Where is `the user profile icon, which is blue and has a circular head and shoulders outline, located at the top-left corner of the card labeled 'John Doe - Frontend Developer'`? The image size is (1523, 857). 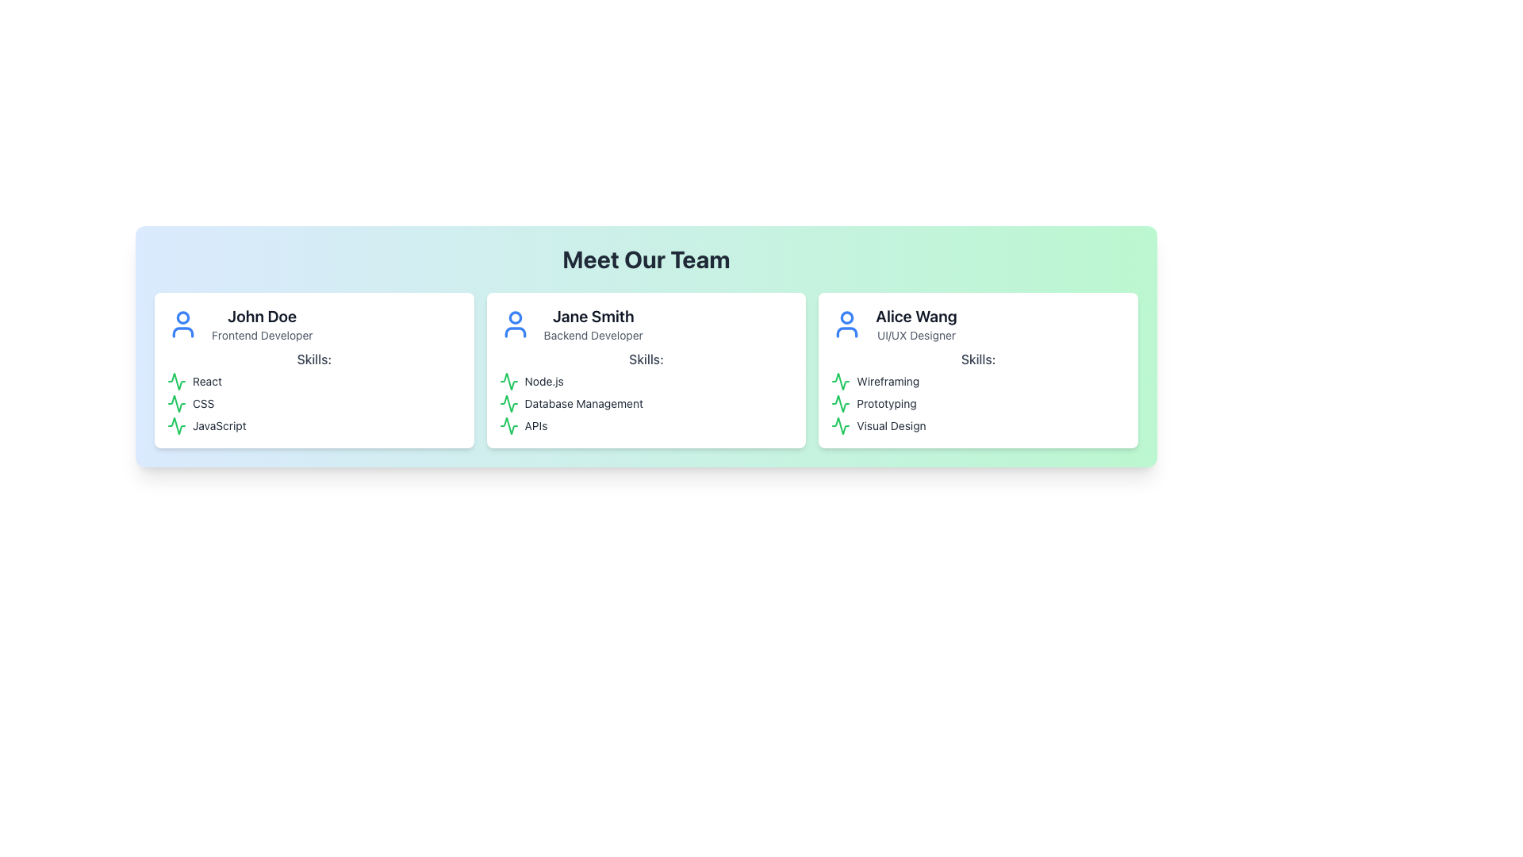 the user profile icon, which is blue and has a circular head and shoulders outline, located at the top-left corner of the card labeled 'John Doe - Frontend Developer' is located at coordinates (182, 323).